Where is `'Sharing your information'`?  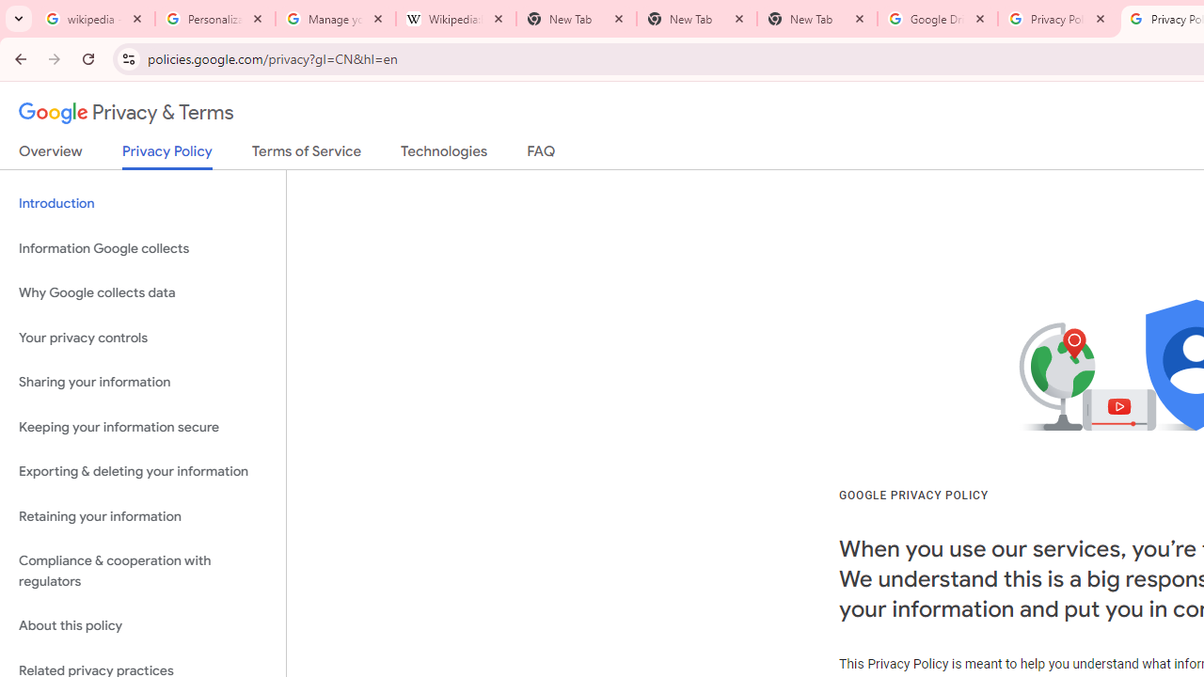
'Sharing your information' is located at coordinates (142, 382).